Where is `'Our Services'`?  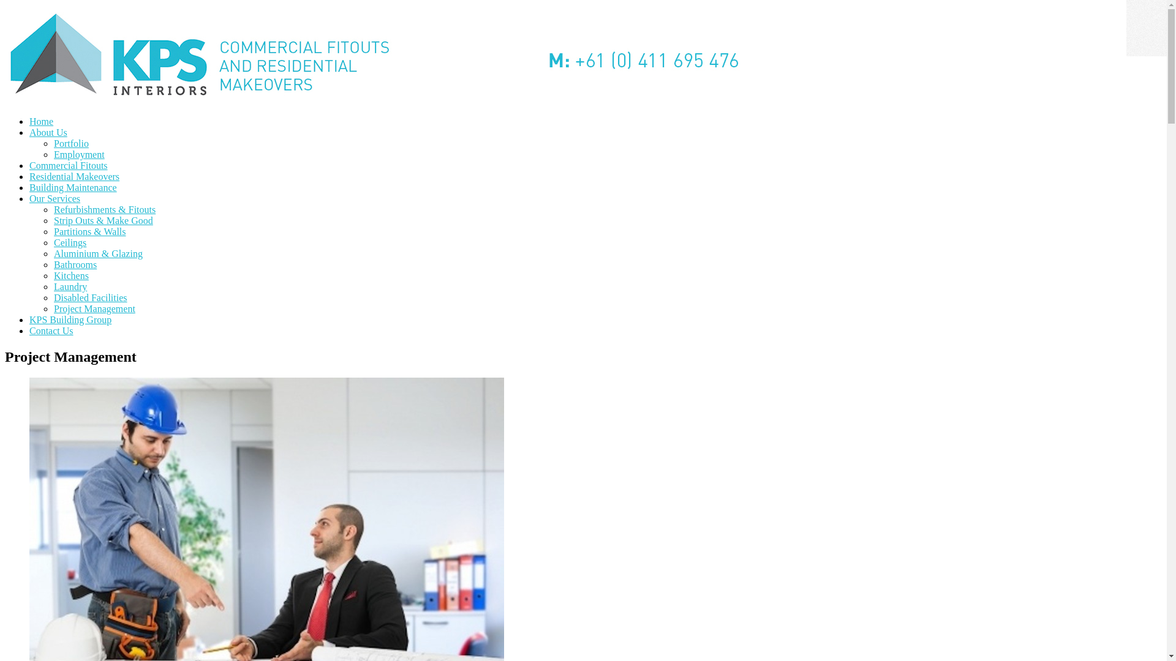
'Our Services' is located at coordinates (54, 198).